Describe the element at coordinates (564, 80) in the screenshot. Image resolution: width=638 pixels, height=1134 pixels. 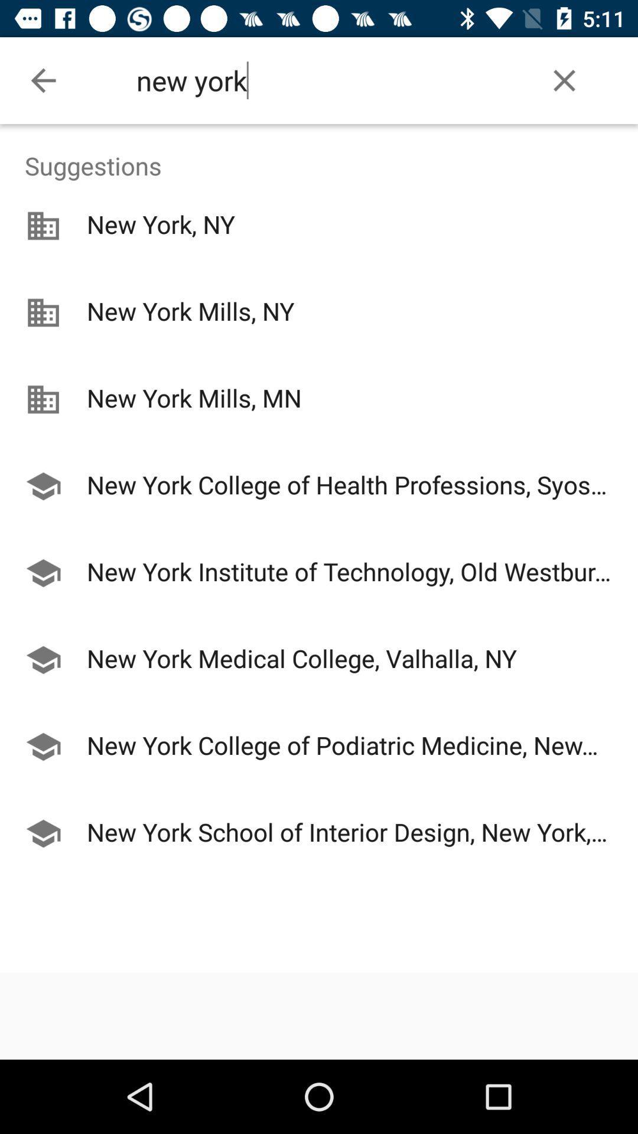
I see `icon next to new york icon` at that location.